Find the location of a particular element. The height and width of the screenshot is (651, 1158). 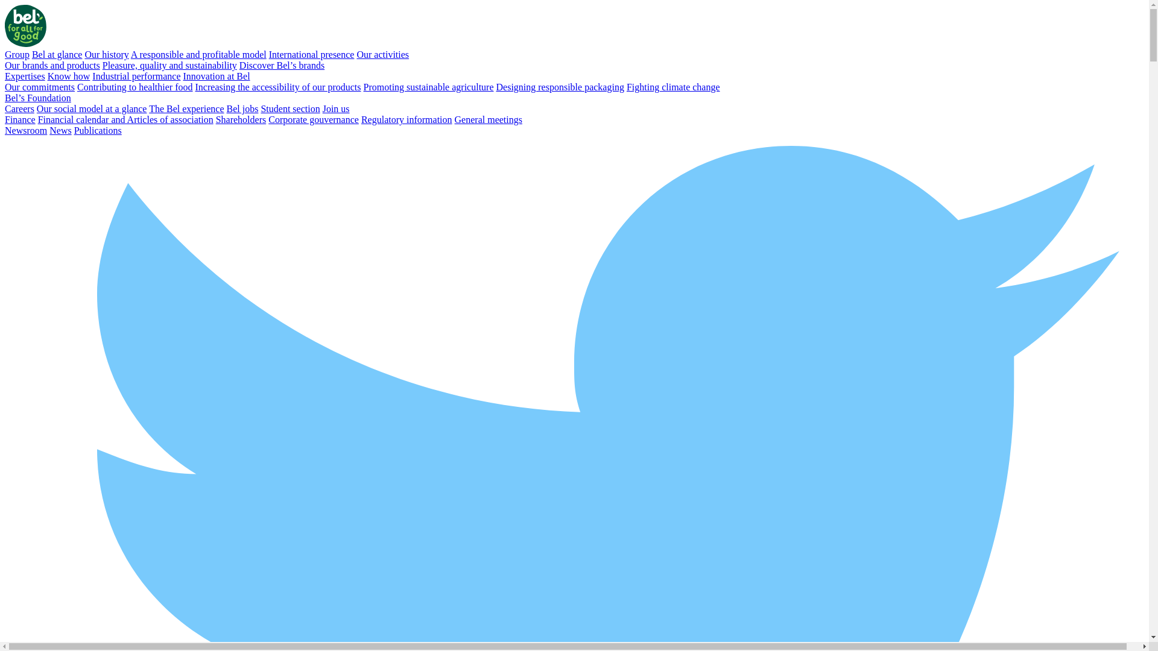

'Designing responsible packaging' is located at coordinates (558, 86).